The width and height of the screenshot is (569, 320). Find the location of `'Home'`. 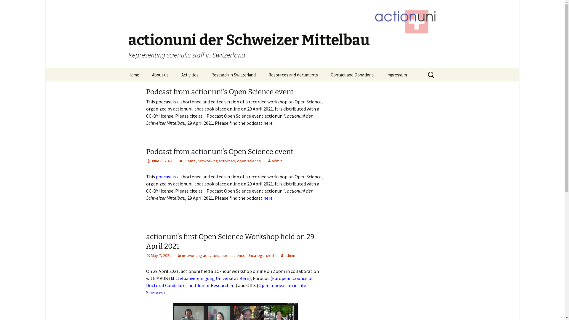

'Home' is located at coordinates (122, 74).